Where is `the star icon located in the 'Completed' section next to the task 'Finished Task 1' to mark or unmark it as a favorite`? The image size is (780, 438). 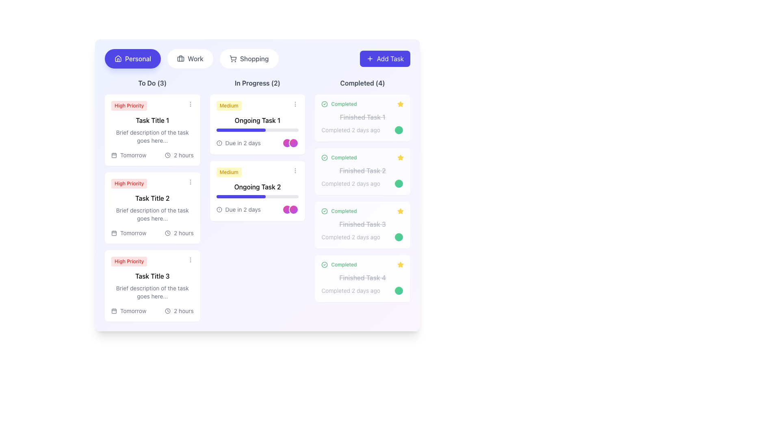
the star icon located in the 'Completed' section next to the task 'Finished Task 1' to mark or unmark it as a favorite is located at coordinates (400, 104).